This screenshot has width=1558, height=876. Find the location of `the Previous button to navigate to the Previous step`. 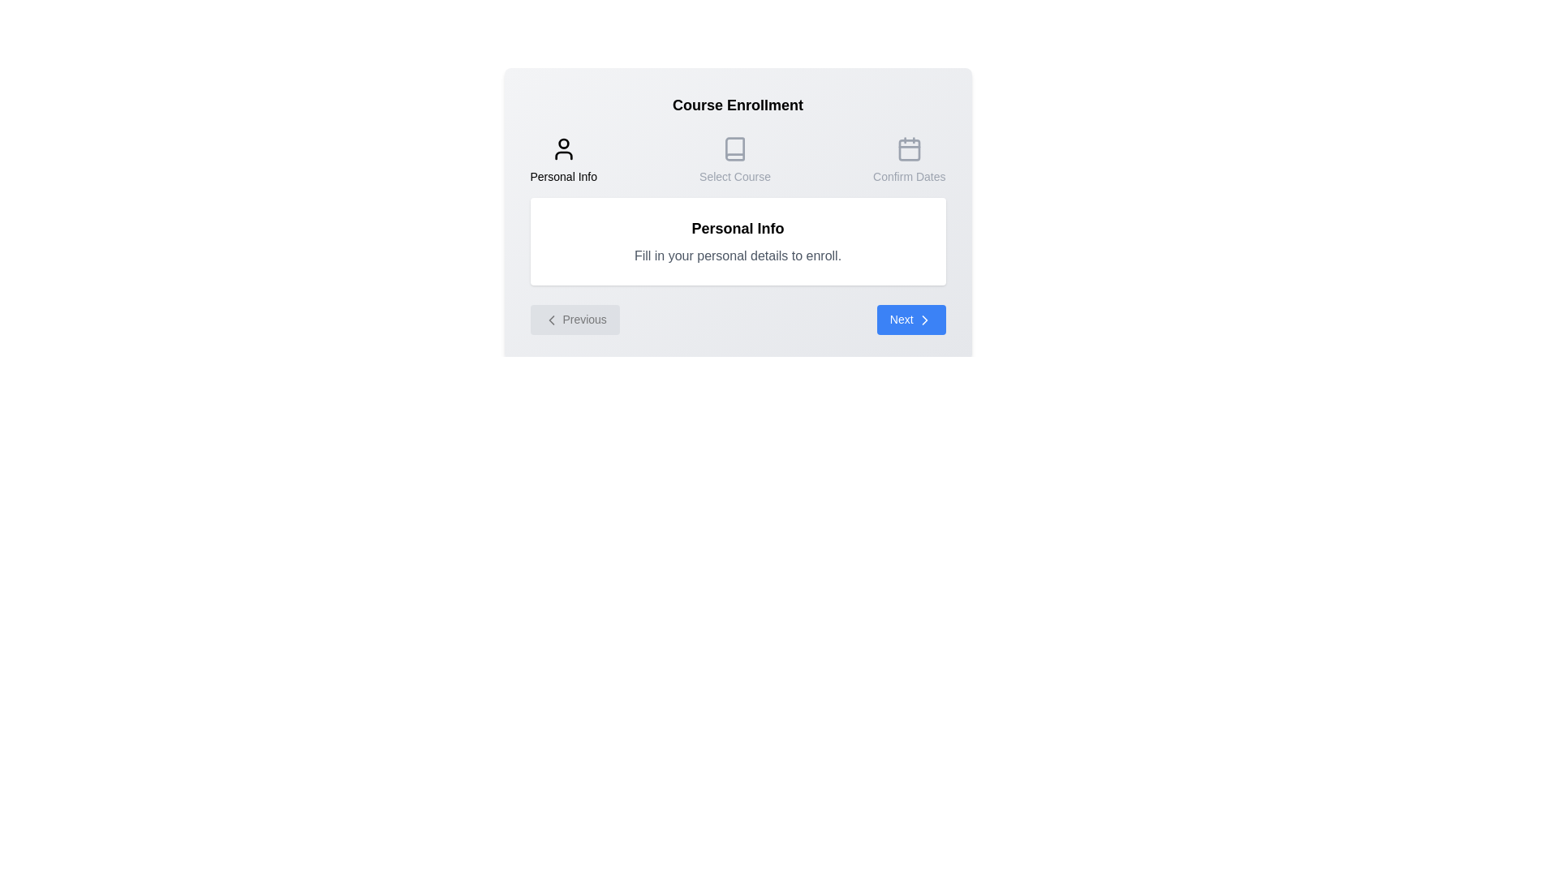

the Previous button to navigate to the Previous step is located at coordinates (575, 320).